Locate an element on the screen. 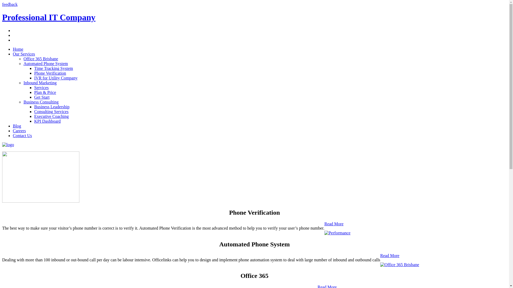 This screenshot has height=288, width=513. 'Automated Phone System' is located at coordinates (46, 63).